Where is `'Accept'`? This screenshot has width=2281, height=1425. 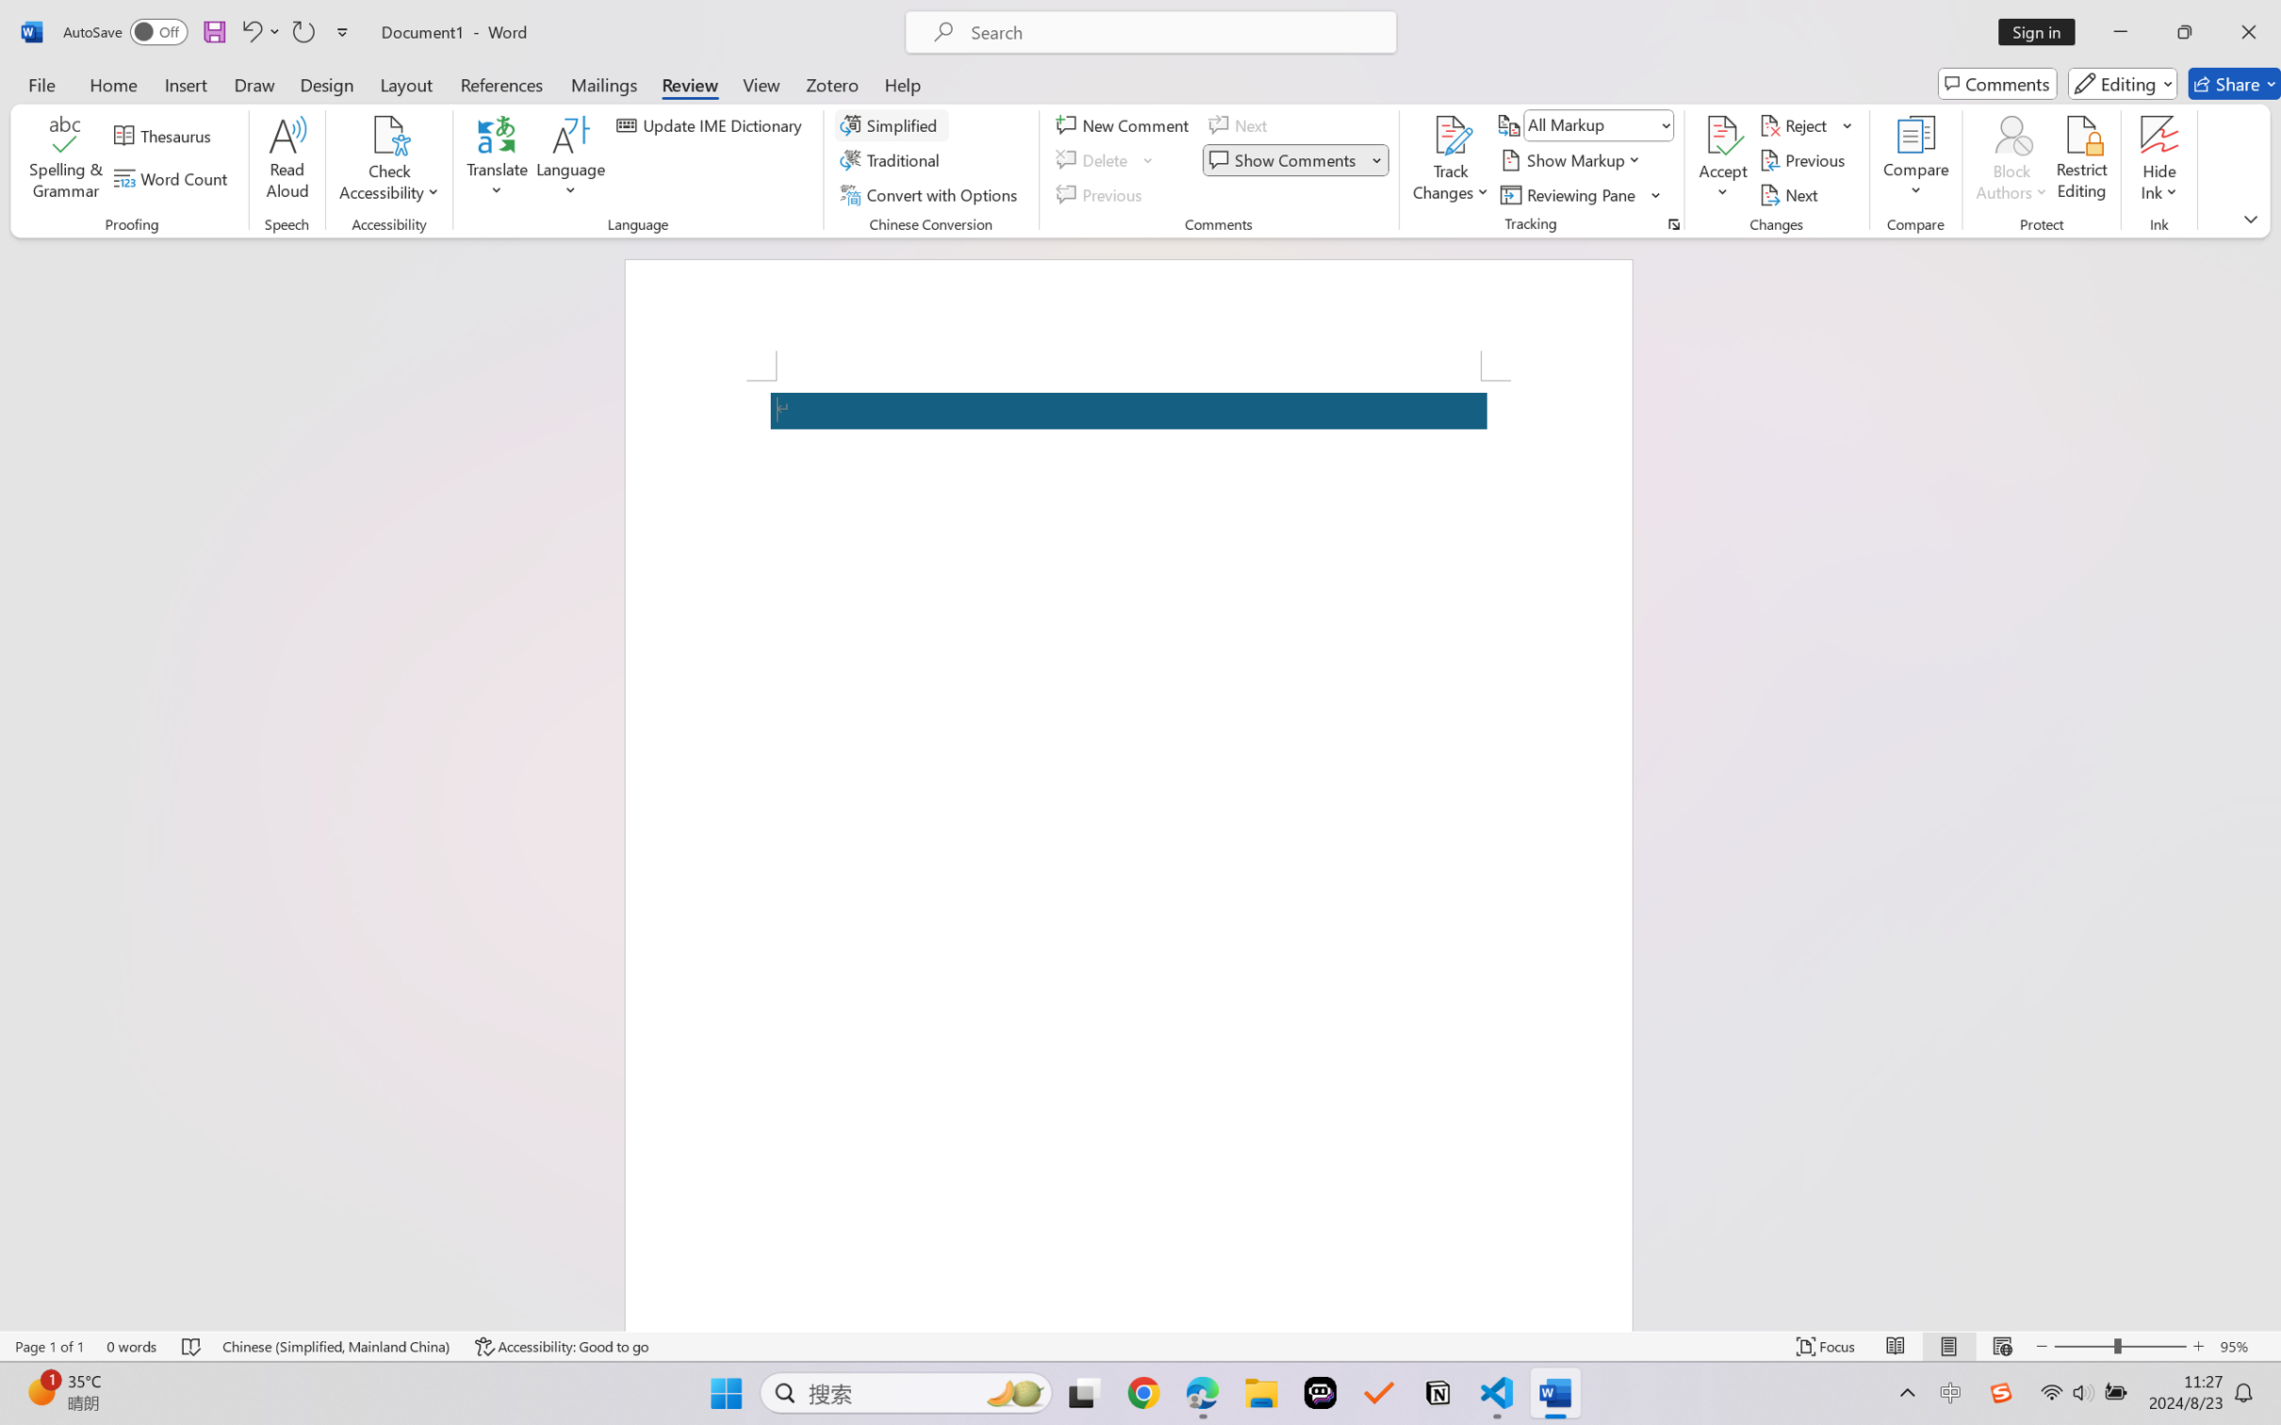 'Accept' is located at coordinates (1722, 160).